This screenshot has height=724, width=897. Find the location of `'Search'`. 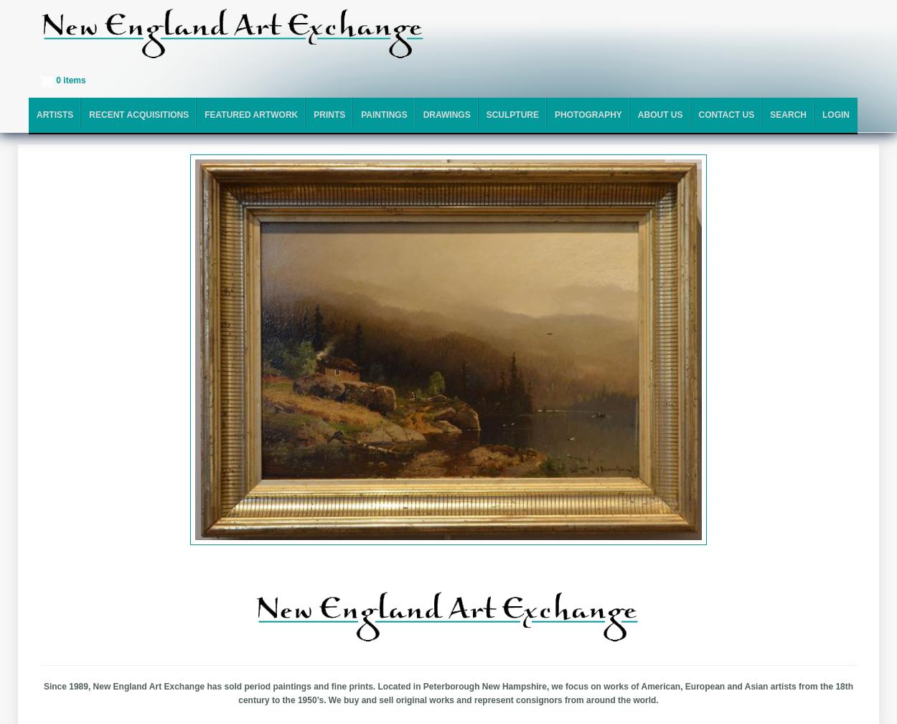

'Search' is located at coordinates (787, 114).